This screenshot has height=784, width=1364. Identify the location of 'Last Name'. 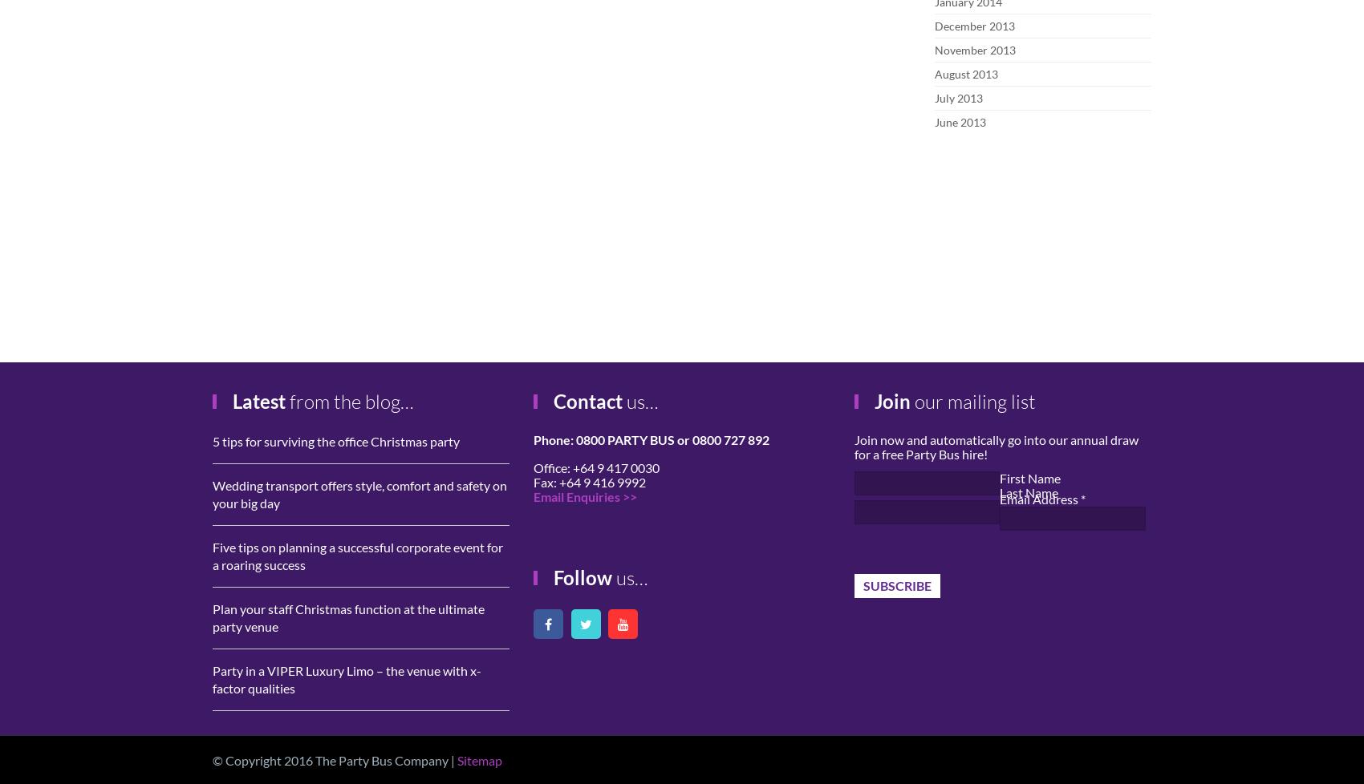
(1029, 492).